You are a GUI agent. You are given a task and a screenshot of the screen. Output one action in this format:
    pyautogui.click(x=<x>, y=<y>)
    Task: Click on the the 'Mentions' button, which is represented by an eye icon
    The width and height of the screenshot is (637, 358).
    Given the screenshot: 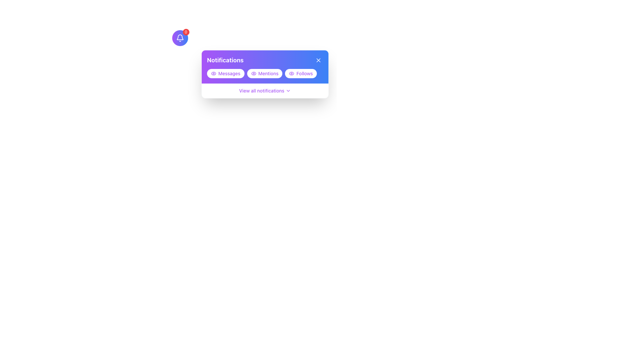 What is the action you would take?
    pyautogui.click(x=253, y=74)
    